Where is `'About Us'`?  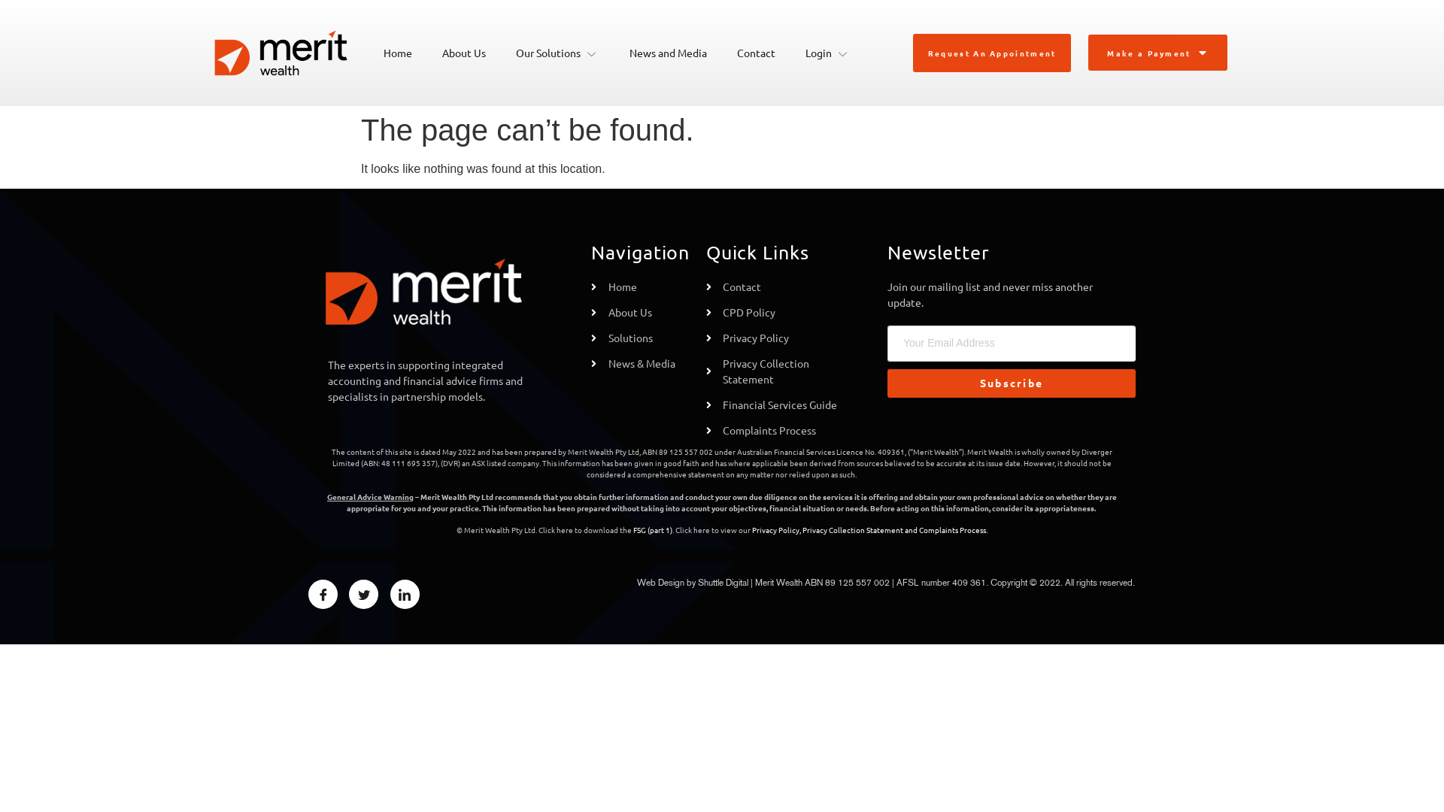 'About Us' is located at coordinates (641, 311).